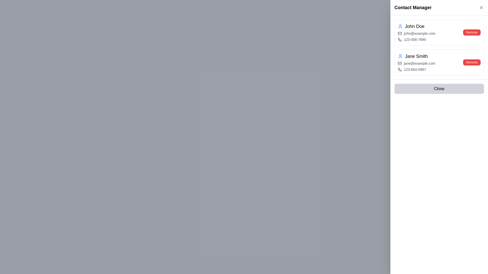 The width and height of the screenshot is (488, 274). What do you see at coordinates (400, 63) in the screenshot?
I see `the mail icon, which is a simple envelope outline located` at bounding box center [400, 63].